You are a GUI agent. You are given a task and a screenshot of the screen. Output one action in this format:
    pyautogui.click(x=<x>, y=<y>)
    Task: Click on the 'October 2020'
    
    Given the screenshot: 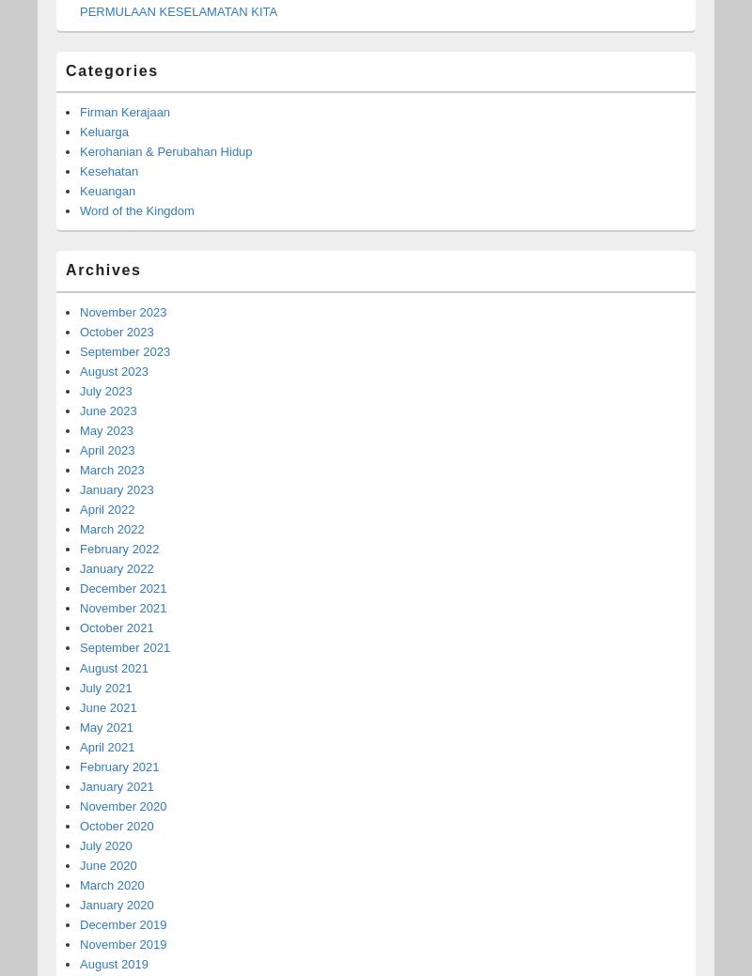 What is the action you would take?
    pyautogui.click(x=116, y=825)
    